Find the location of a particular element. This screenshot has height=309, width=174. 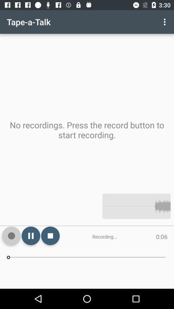

item at the top right corner is located at coordinates (165, 22).